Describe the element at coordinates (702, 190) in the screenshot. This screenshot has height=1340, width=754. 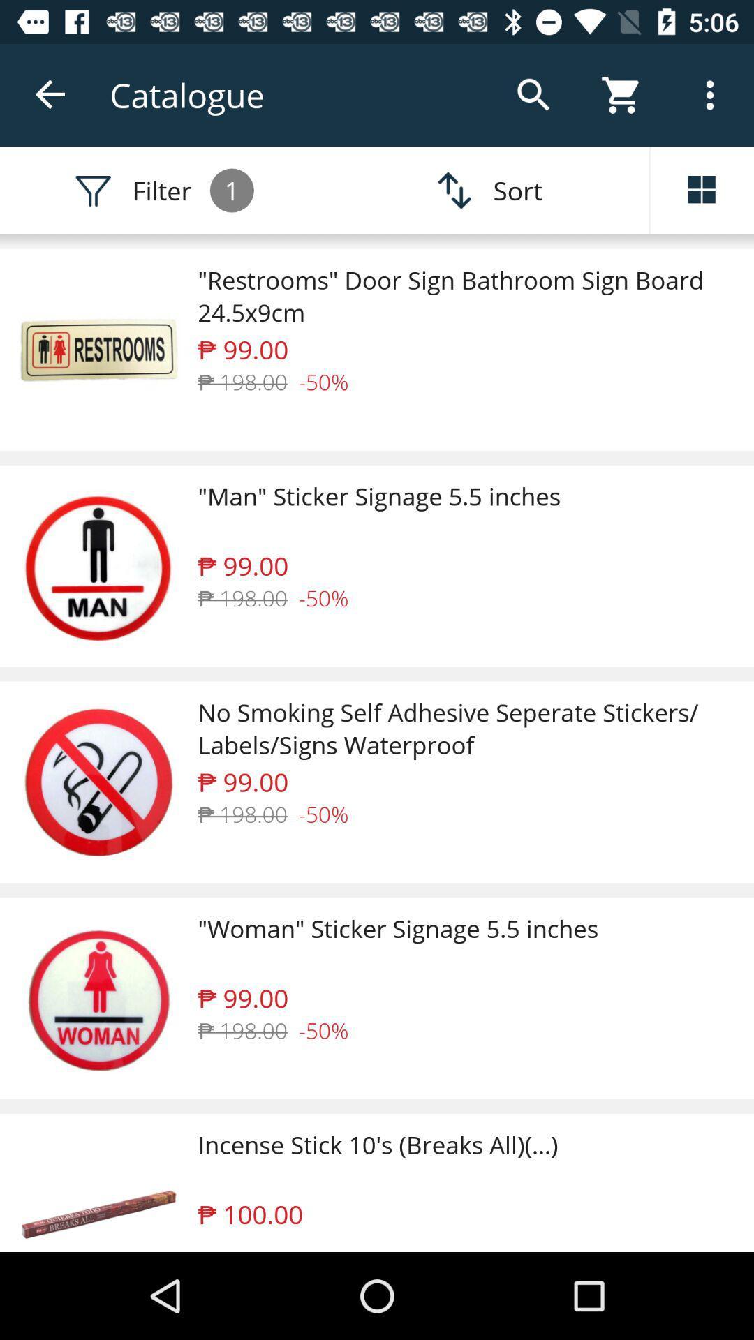
I see `the dashboard icon` at that location.